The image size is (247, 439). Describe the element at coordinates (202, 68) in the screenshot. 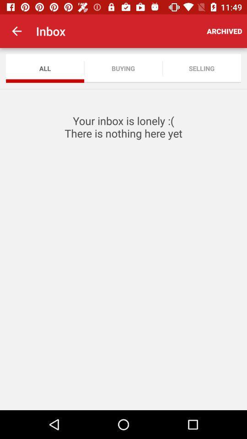

I see `the app to the right of the buying app` at that location.